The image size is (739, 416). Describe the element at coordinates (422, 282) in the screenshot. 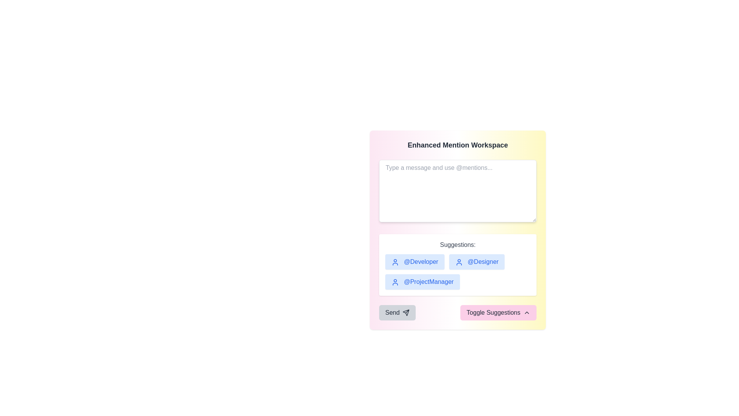

I see `the third selectable suggestion button labeled '@ProjectManager' in the Suggestions section` at that location.